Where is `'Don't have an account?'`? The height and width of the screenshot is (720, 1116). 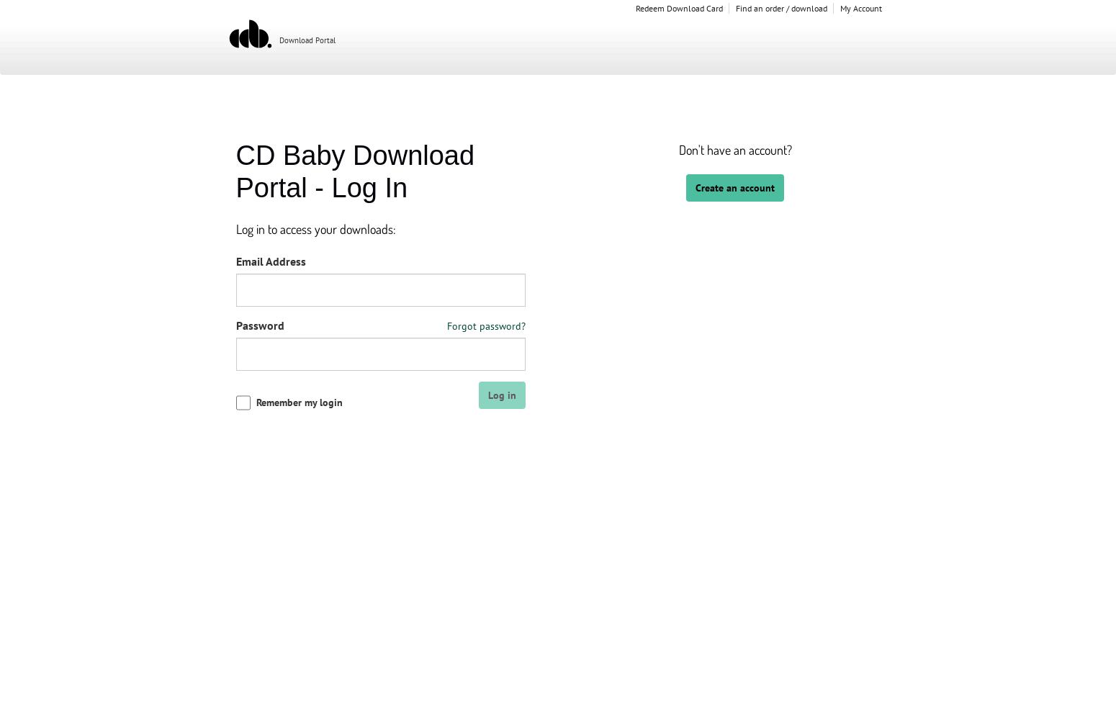 'Don't have an account?' is located at coordinates (677, 149).